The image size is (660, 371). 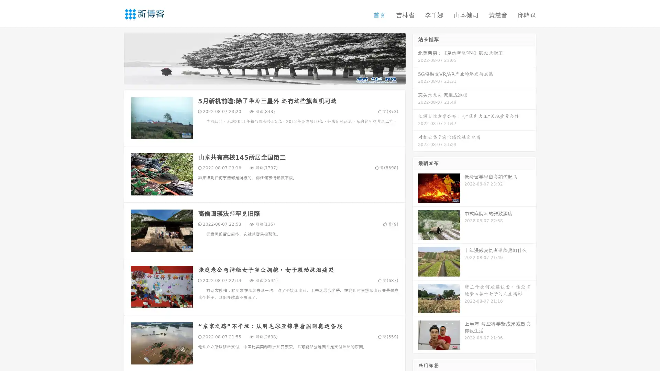 I want to click on Next slide, so click(x=415, y=58).